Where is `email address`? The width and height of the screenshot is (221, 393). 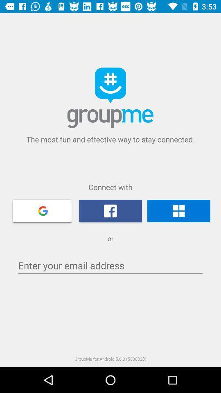 email address is located at coordinates (110, 265).